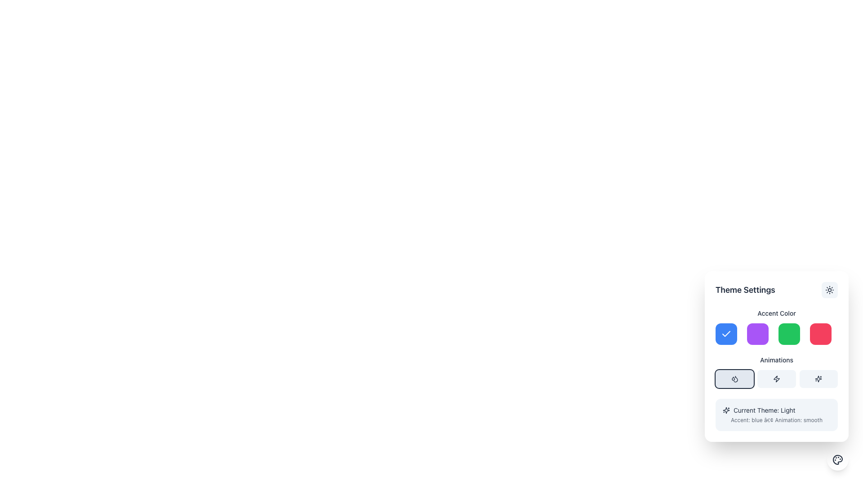 This screenshot has width=863, height=485. Describe the element at coordinates (776, 379) in the screenshot. I see `the rectangular button with a lightning bolt icon located in the middle column of the 'Animations' section` at that location.